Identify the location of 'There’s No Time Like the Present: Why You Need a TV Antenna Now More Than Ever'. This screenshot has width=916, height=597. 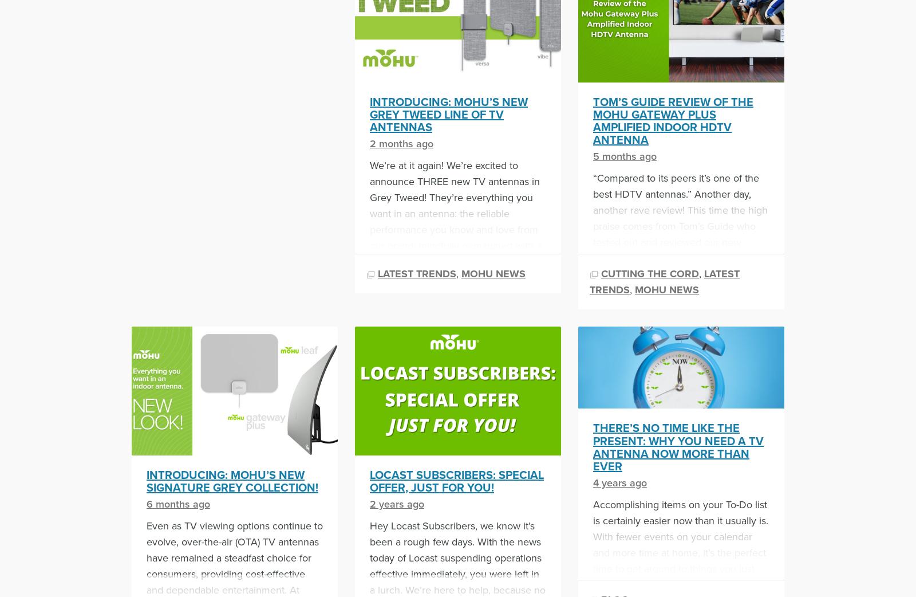
(593, 446).